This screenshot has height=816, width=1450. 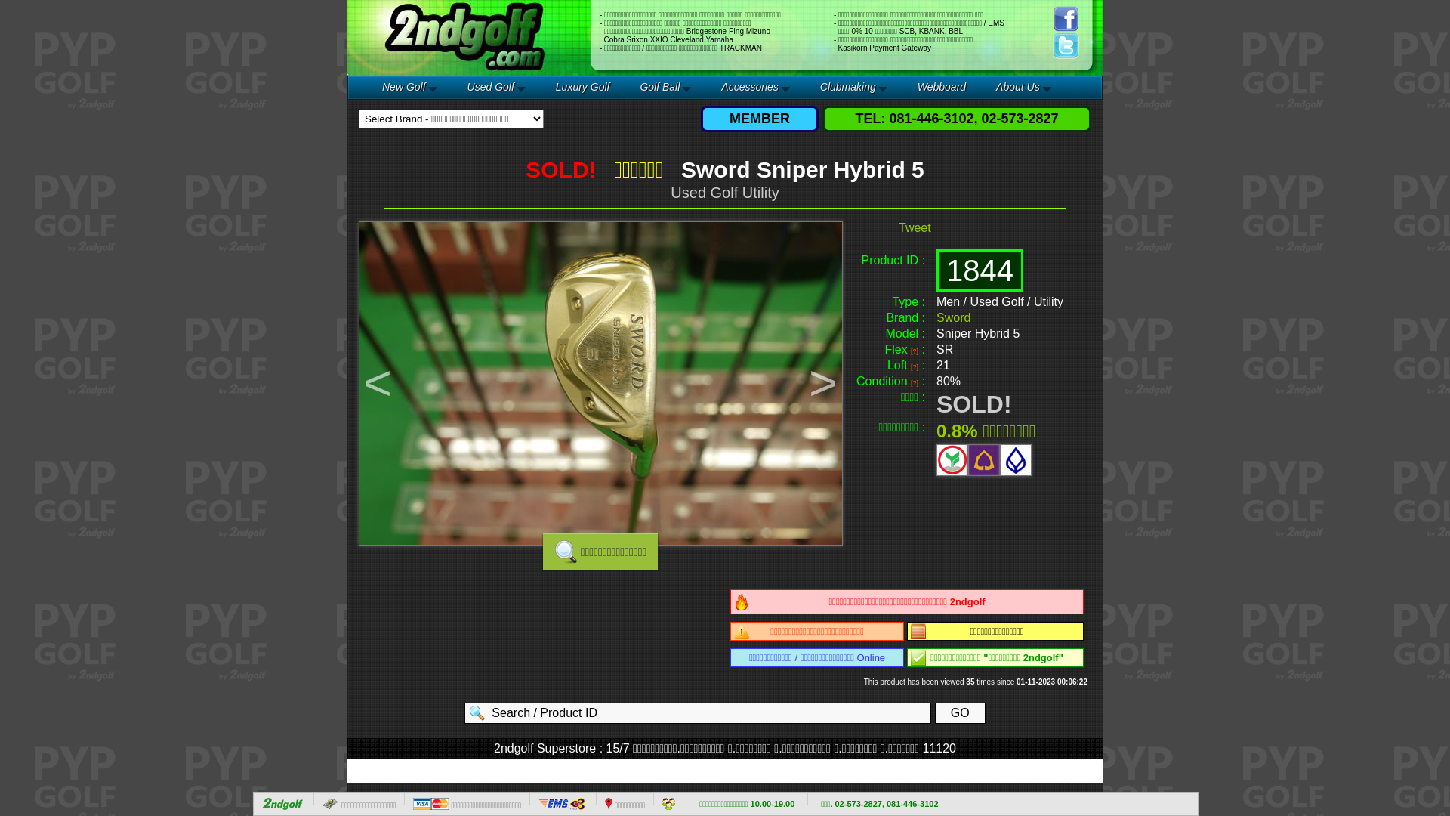 I want to click on 'Webboard', so click(x=941, y=87).